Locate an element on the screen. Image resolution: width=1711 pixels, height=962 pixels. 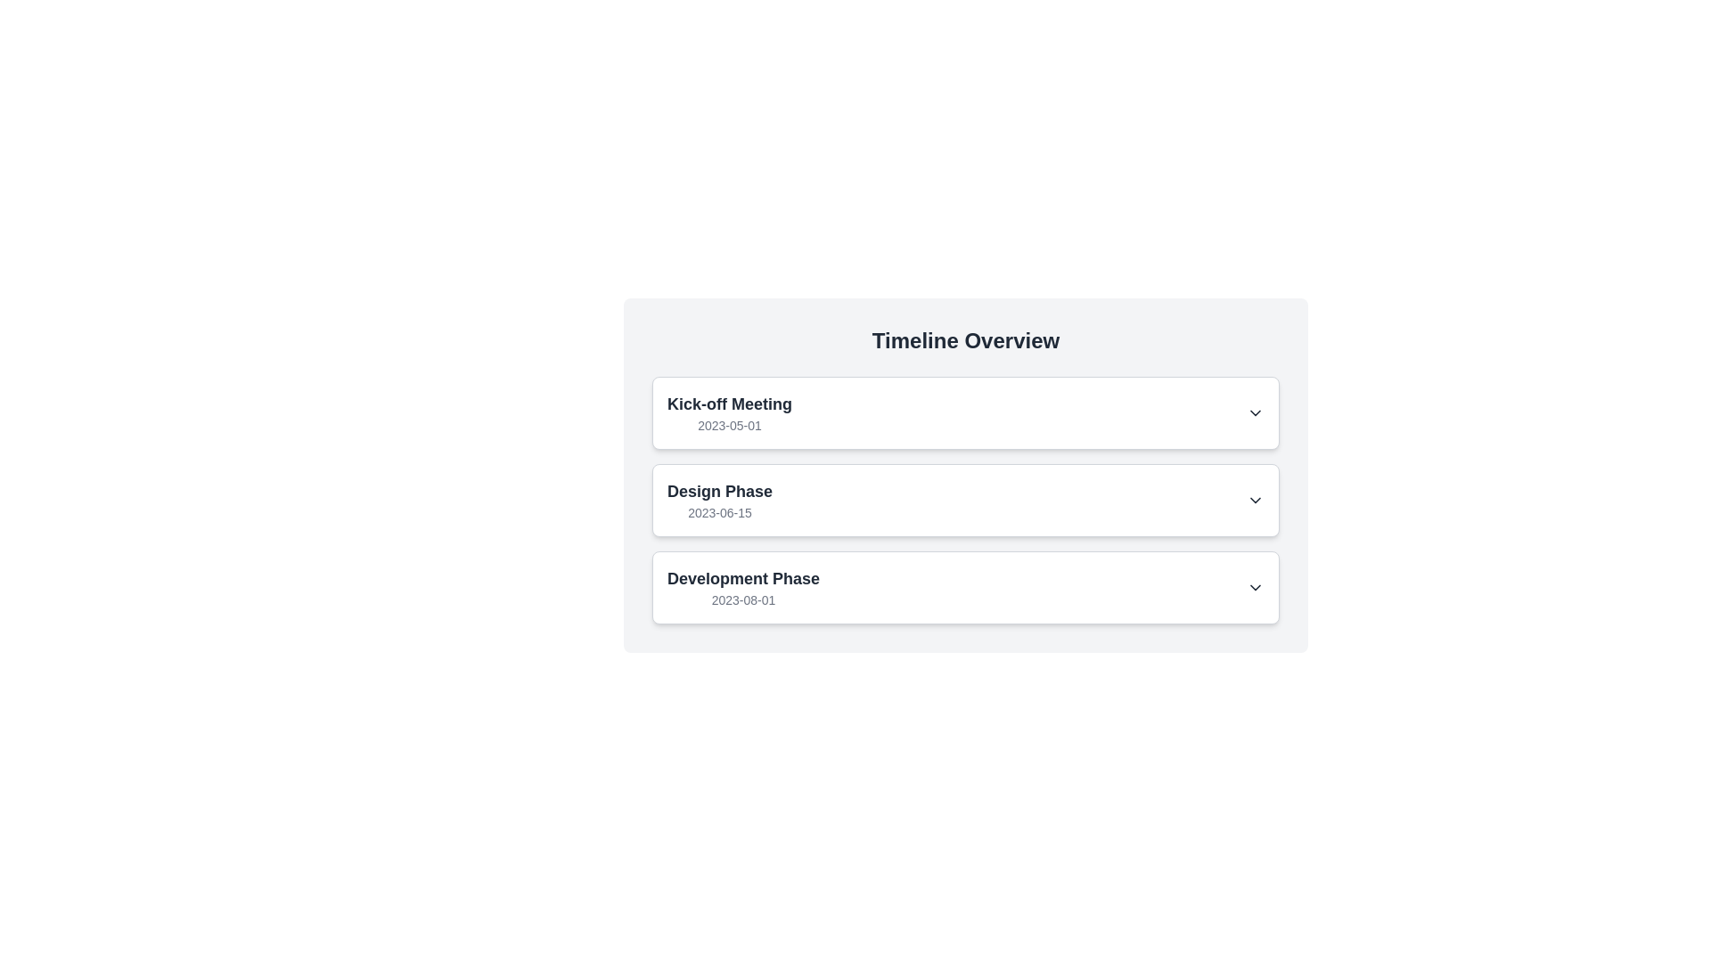
the 'Design Phase' text label, which is the second item in the vertical timeline list, located within the 'Timeline Overview' card is located at coordinates (719, 501).